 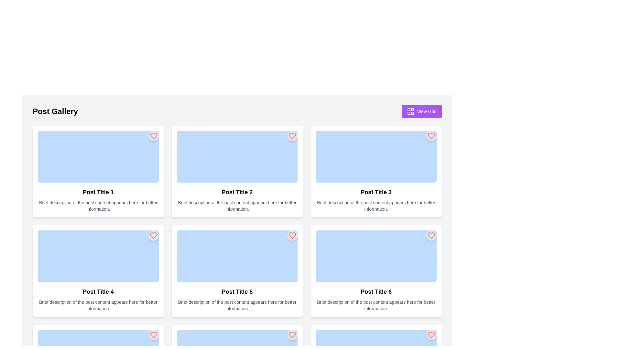 What do you see at coordinates (153, 335) in the screenshot?
I see `the favorite icon located in the top-right corner of the content card labeled 'Post Title 4' to trigger the animation or tooltip` at bounding box center [153, 335].